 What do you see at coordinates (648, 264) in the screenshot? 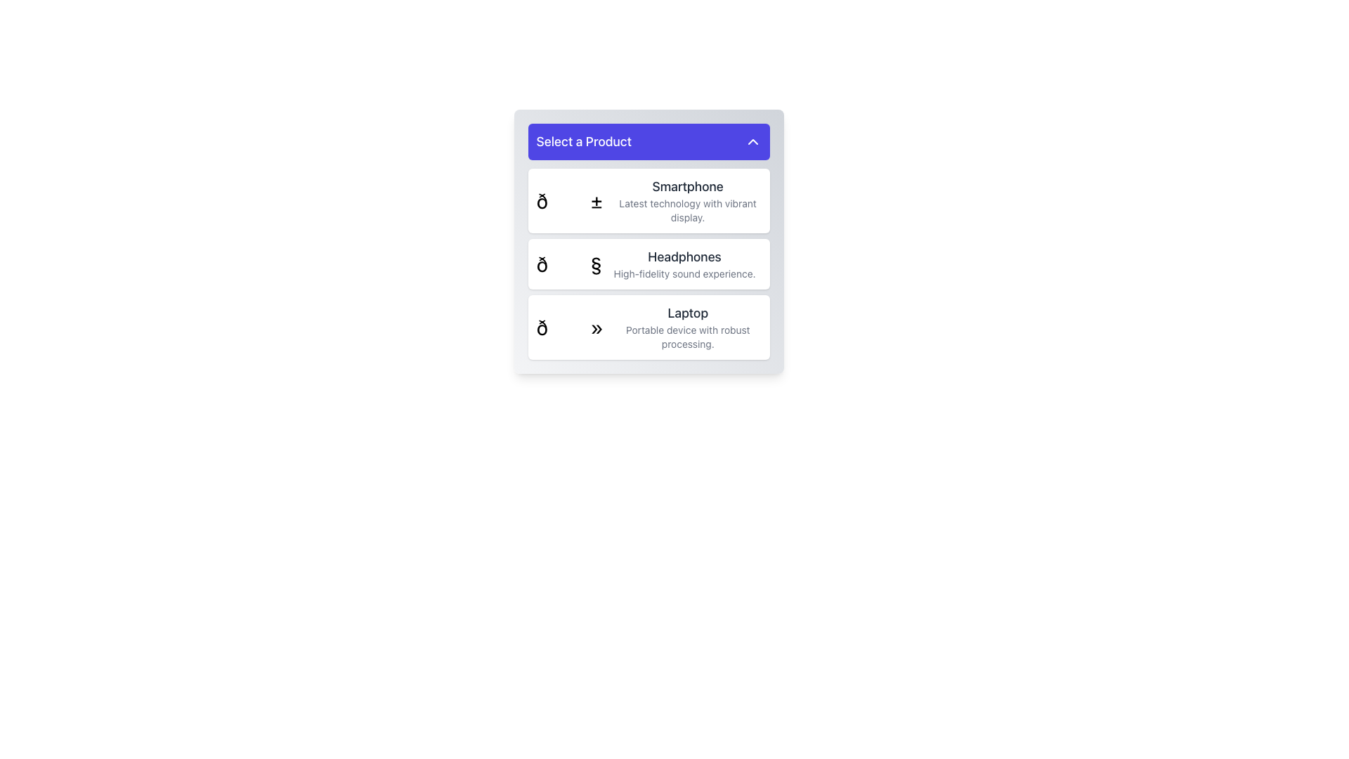
I see `the second List Item element, which features a bold title 'Headphones' and a description 'High-fidelity sound experience.'` at bounding box center [648, 264].